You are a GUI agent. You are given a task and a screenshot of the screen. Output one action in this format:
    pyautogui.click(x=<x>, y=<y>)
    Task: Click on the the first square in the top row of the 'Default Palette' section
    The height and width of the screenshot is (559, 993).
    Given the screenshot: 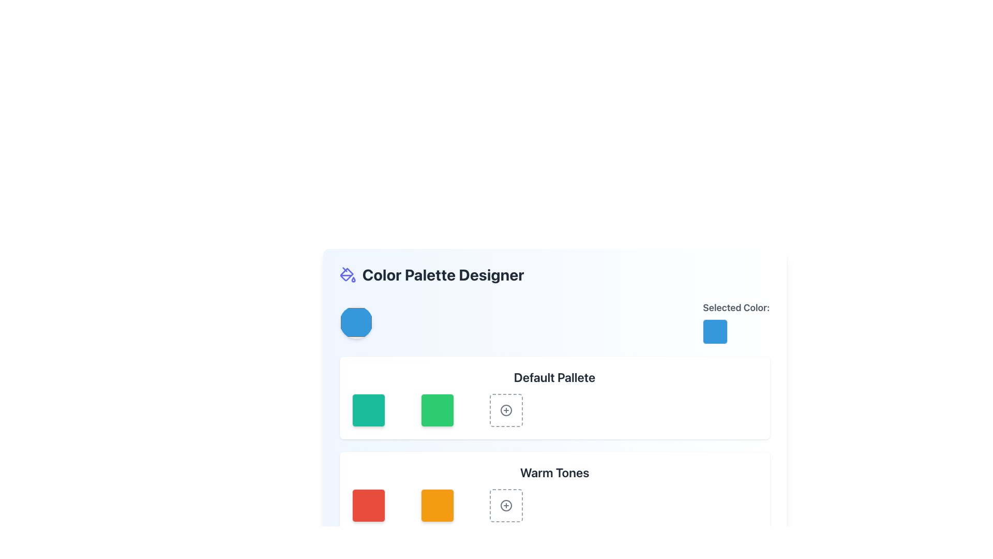 What is the action you would take?
    pyautogui.click(x=382, y=410)
    